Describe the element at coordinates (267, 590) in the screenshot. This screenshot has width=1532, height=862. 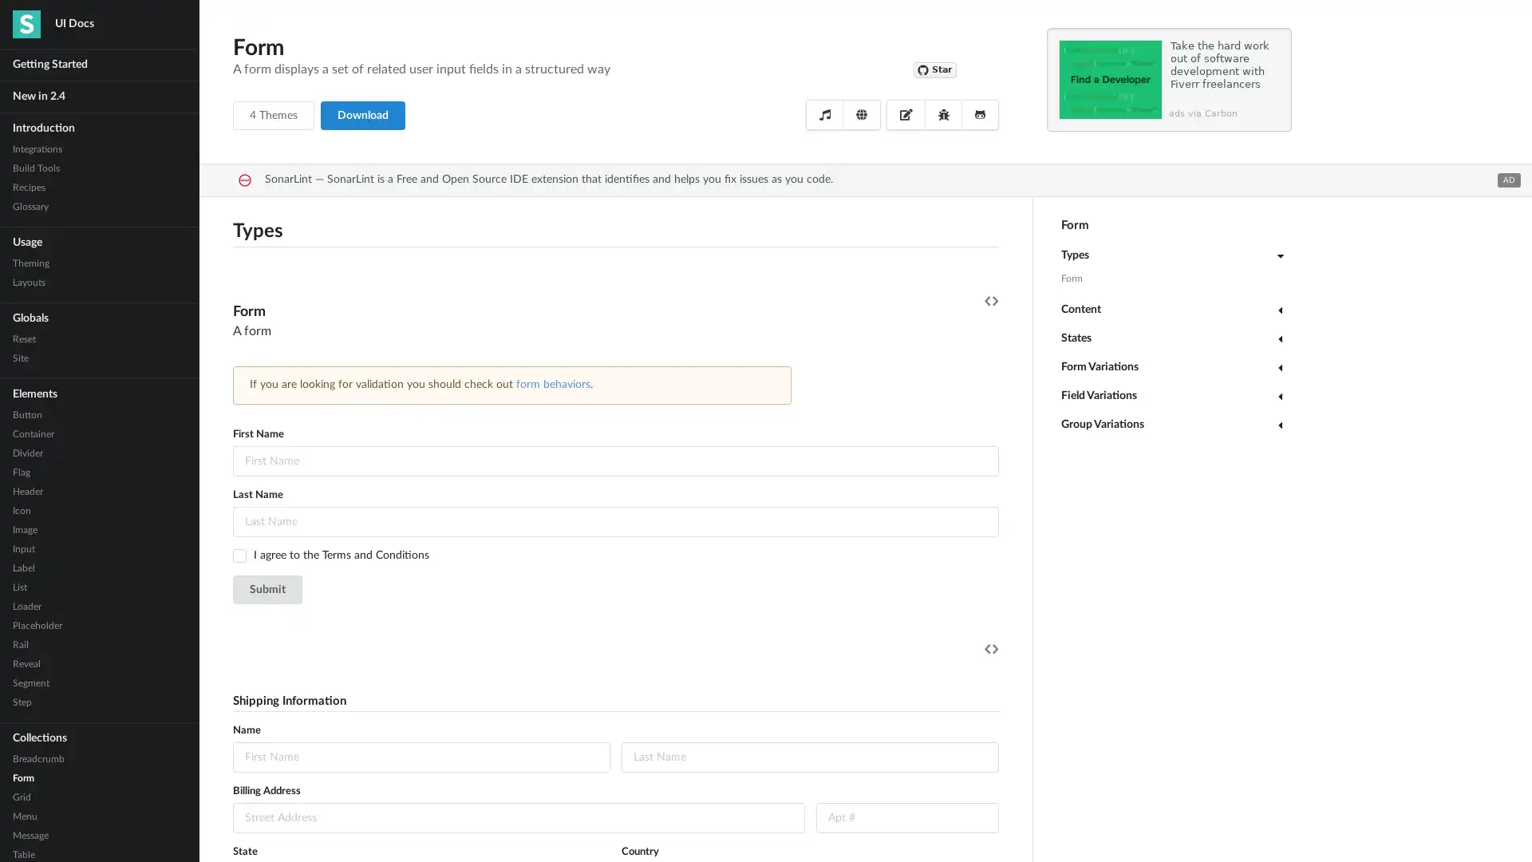
I see `Submit` at that location.